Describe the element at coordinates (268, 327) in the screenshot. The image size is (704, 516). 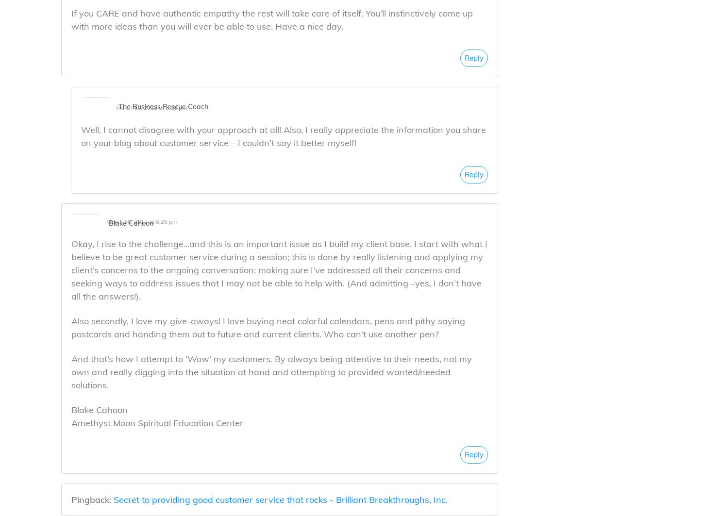
I see `'Also secondly, I love my give-aways!  I love buying neat colorful calendars, pens and pithy saying postcards and handing them out to future and current clients.  Who can’t use another pen?'` at that location.